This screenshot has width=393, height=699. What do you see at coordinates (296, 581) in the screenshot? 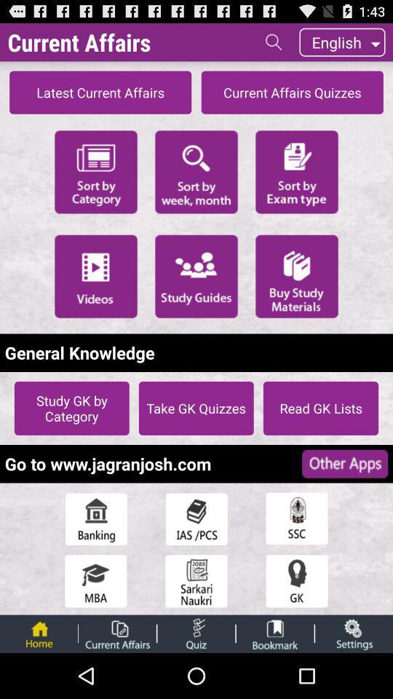
I see `gk` at bounding box center [296, 581].